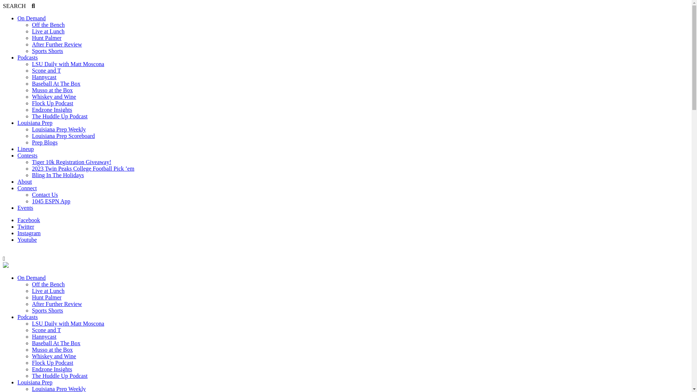 The image size is (697, 392). What do you see at coordinates (31, 77) in the screenshot?
I see `'Hannycast'` at bounding box center [31, 77].